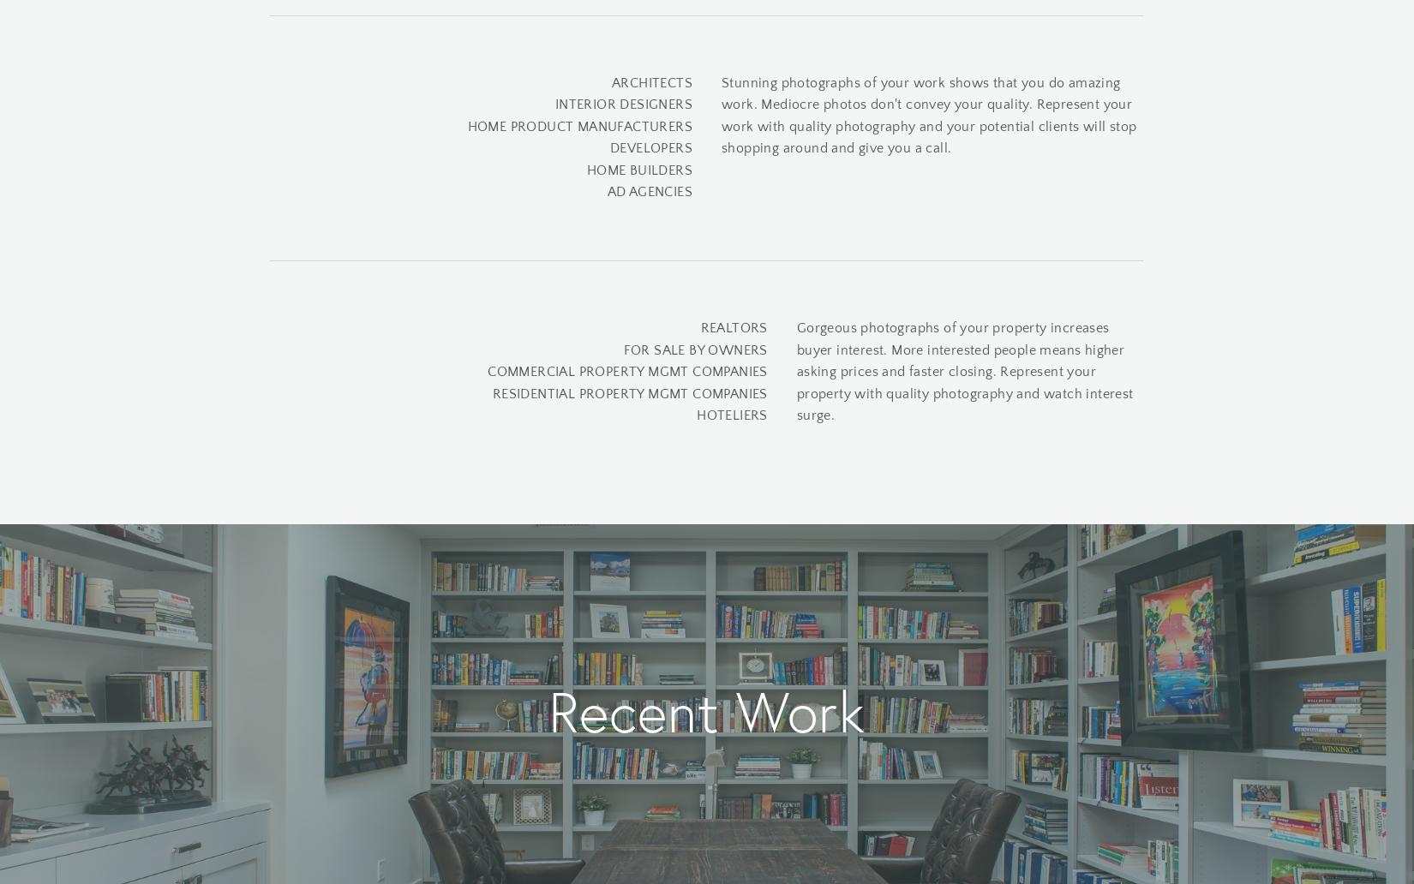  Describe the element at coordinates (931, 114) in the screenshot. I see `'Stunning photographs of your work shows that you do amazing work. Mediocre photos don't convey your quality. Represent your work with quality photography and your potential clients will stop shopping around and give you a call.'` at that location.